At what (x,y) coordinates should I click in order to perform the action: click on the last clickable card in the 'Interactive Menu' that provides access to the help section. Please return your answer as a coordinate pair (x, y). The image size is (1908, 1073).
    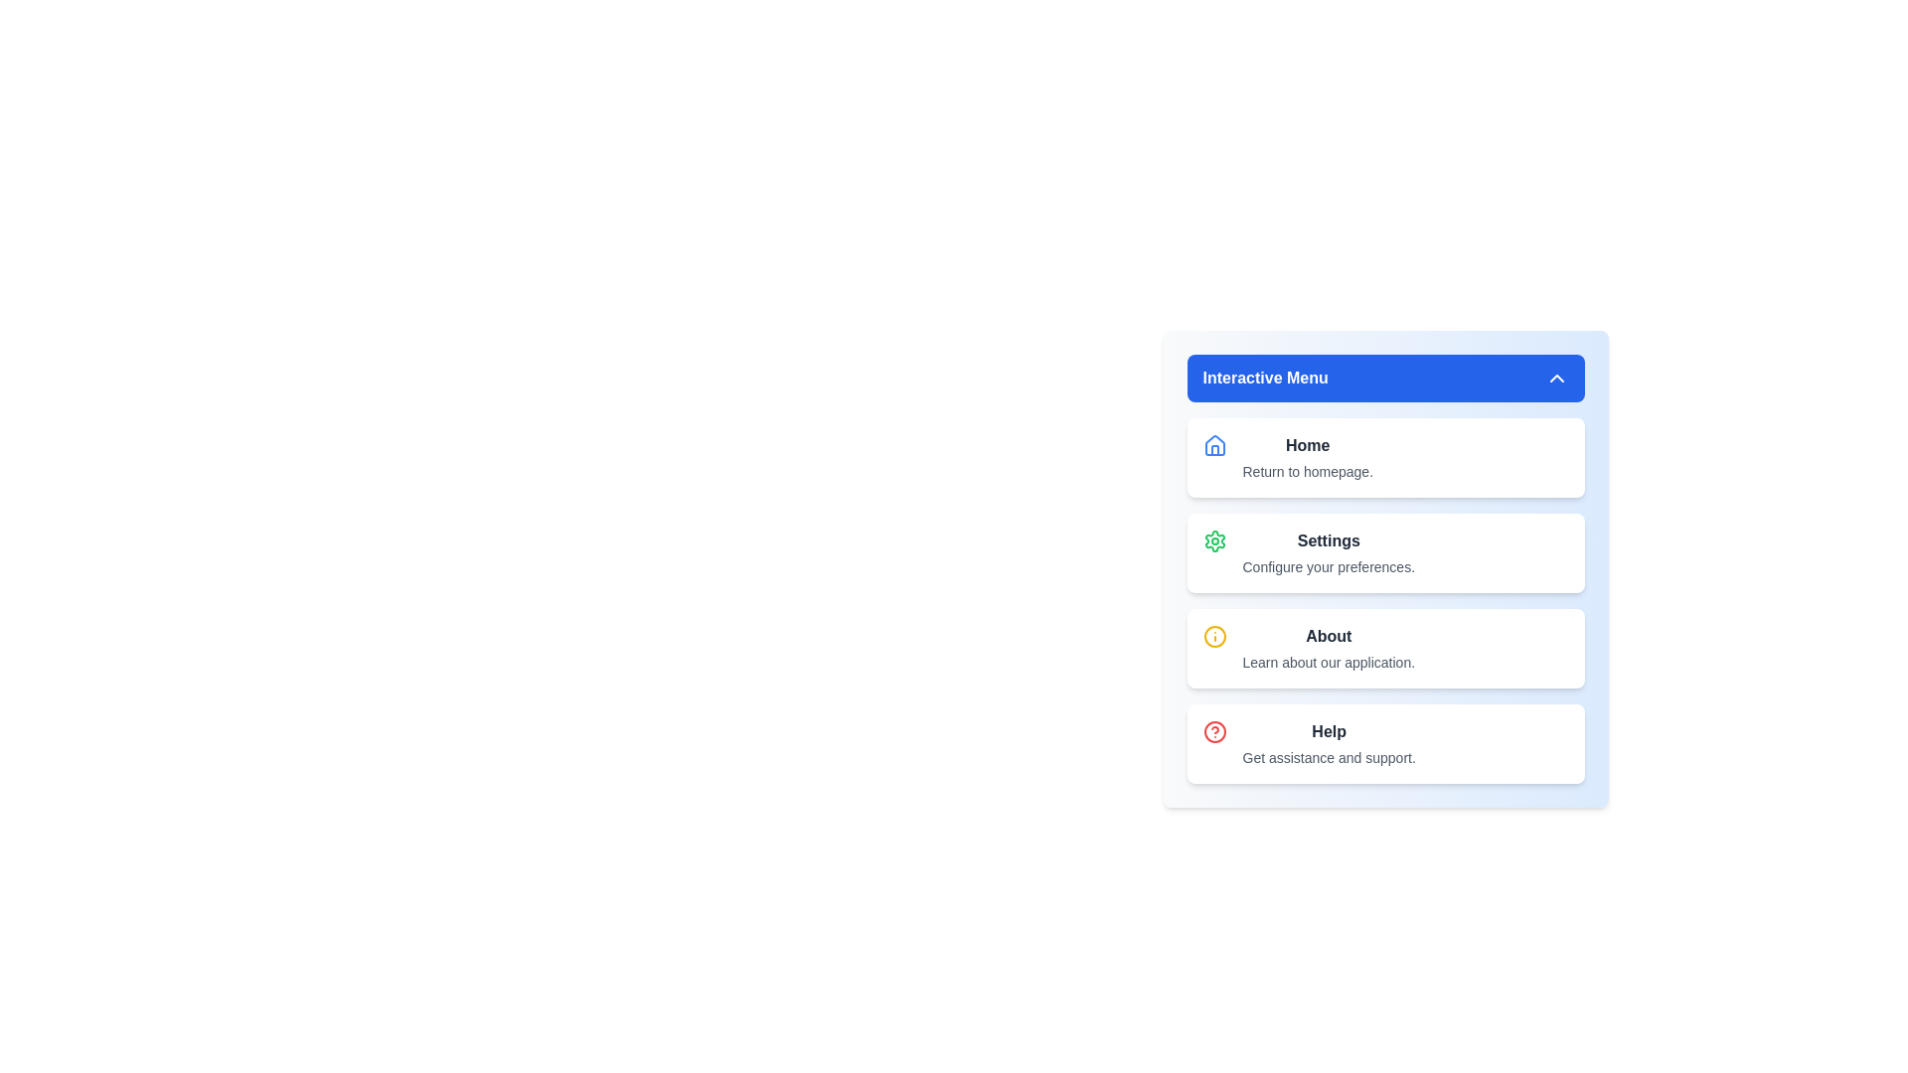
    Looking at the image, I should click on (1384, 743).